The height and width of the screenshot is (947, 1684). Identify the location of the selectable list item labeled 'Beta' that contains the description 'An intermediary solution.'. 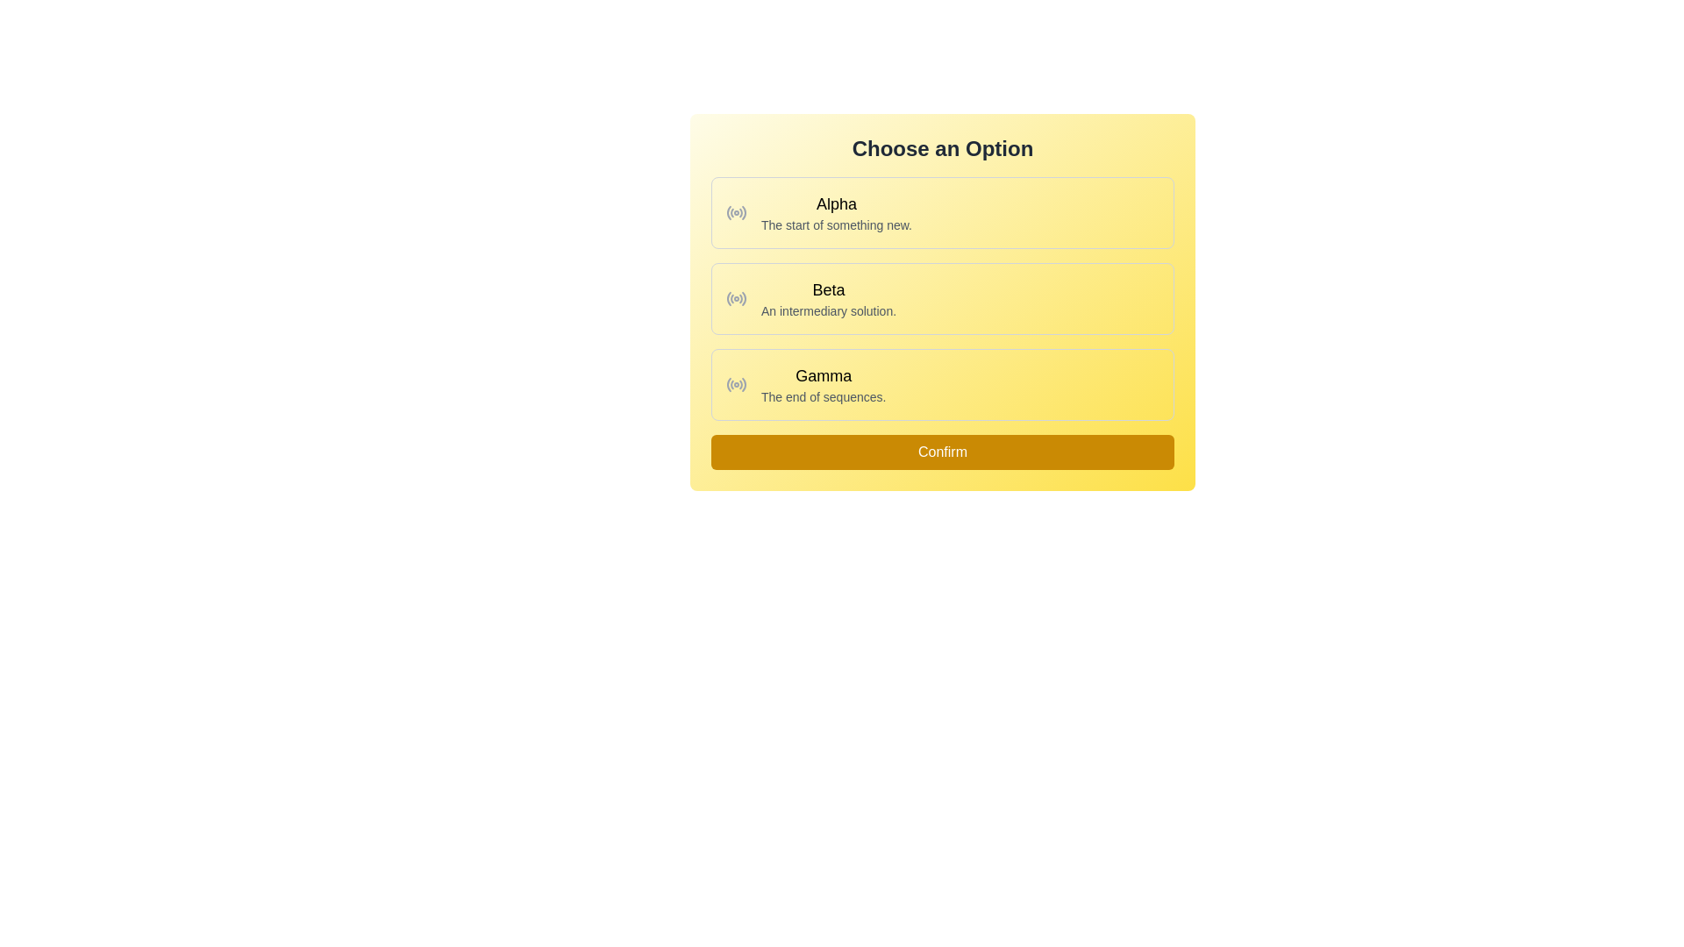
(942, 297).